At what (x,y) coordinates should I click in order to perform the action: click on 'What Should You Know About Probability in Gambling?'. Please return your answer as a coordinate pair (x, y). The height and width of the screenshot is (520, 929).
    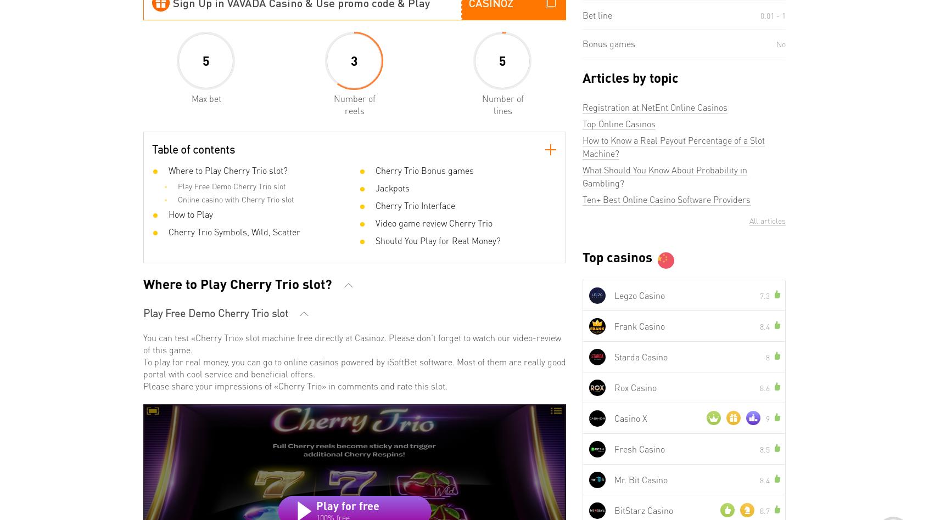
    Looking at the image, I should click on (664, 176).